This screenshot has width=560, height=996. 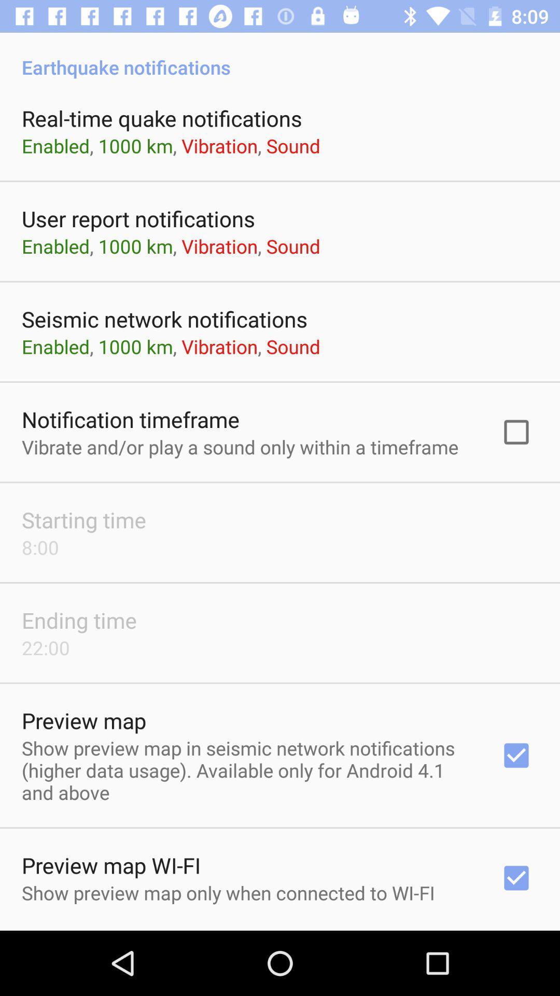 What do you see at coordinates (79, 620) in the screenshot?
I see `ending time` at bounding box center [79, 620].